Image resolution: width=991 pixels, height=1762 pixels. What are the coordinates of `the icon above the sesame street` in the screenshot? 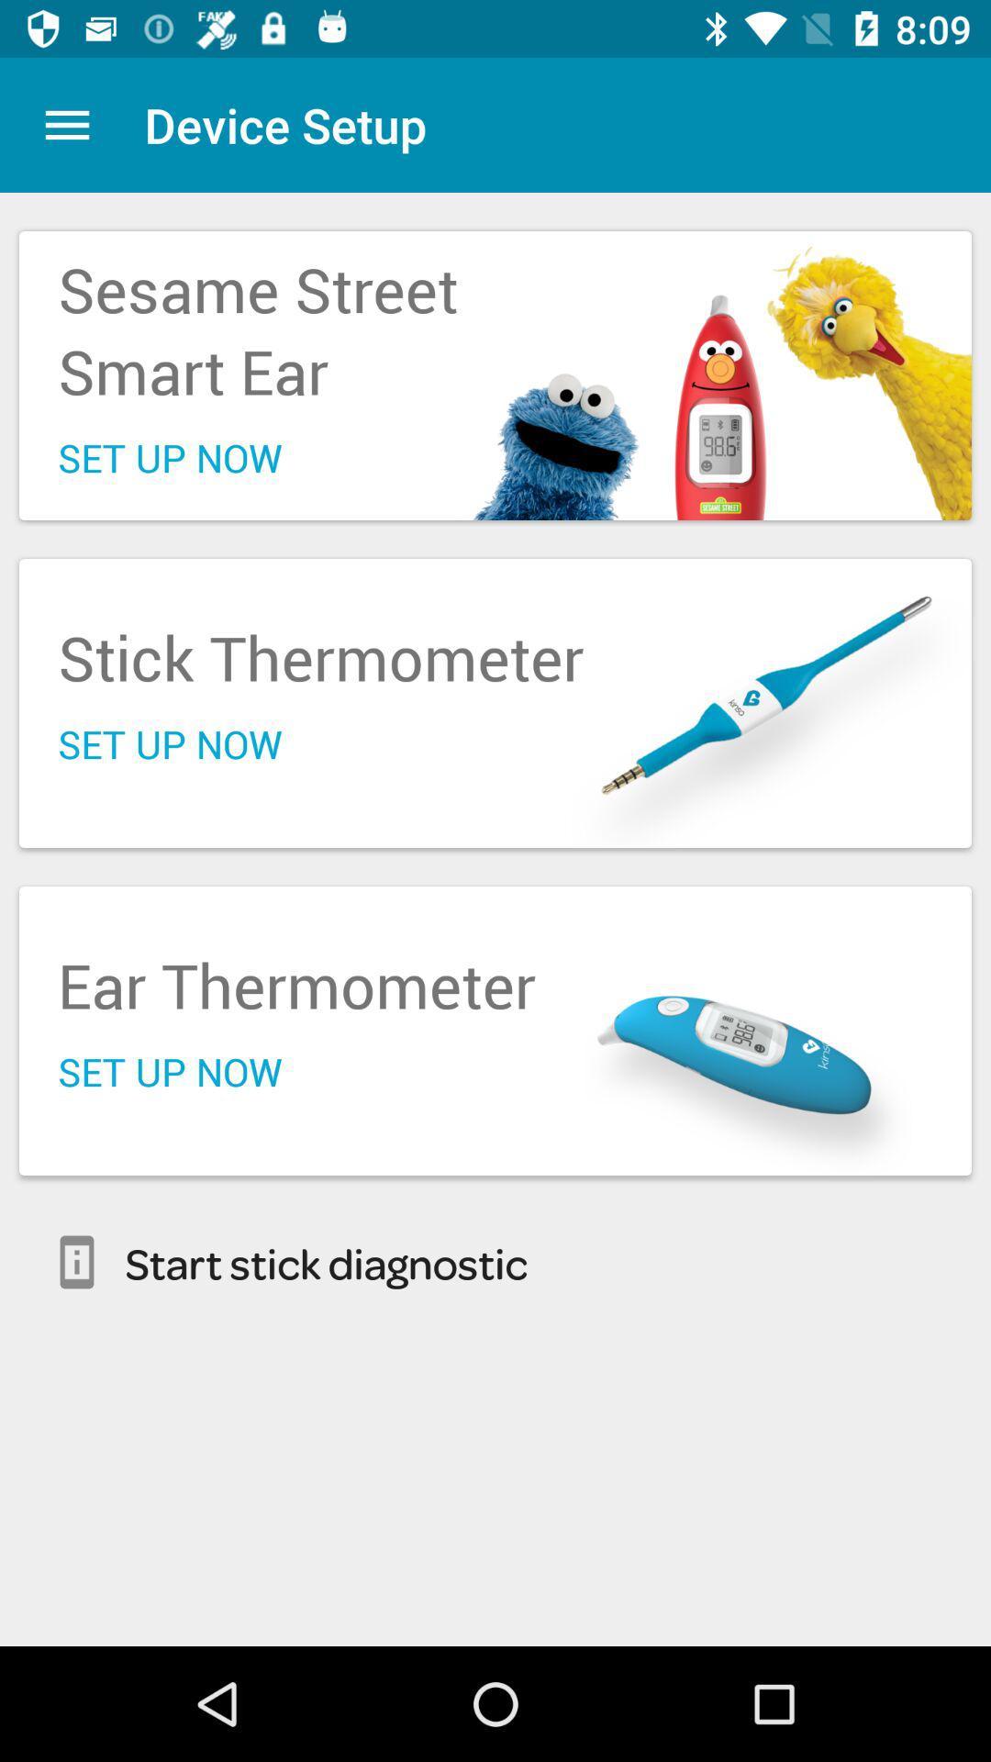 It's located at (66, 124).